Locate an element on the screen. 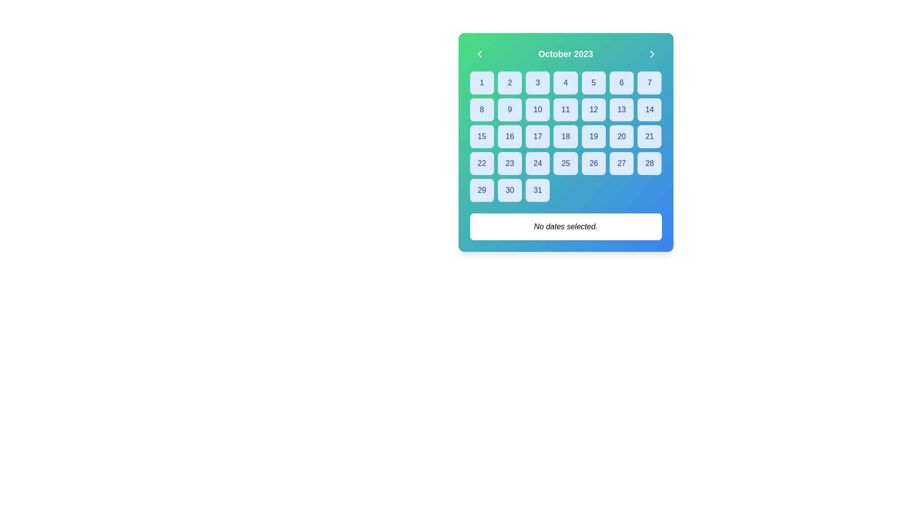  the selectable calendar day button for October 24, 2023 is located at coordinates (538, 163).